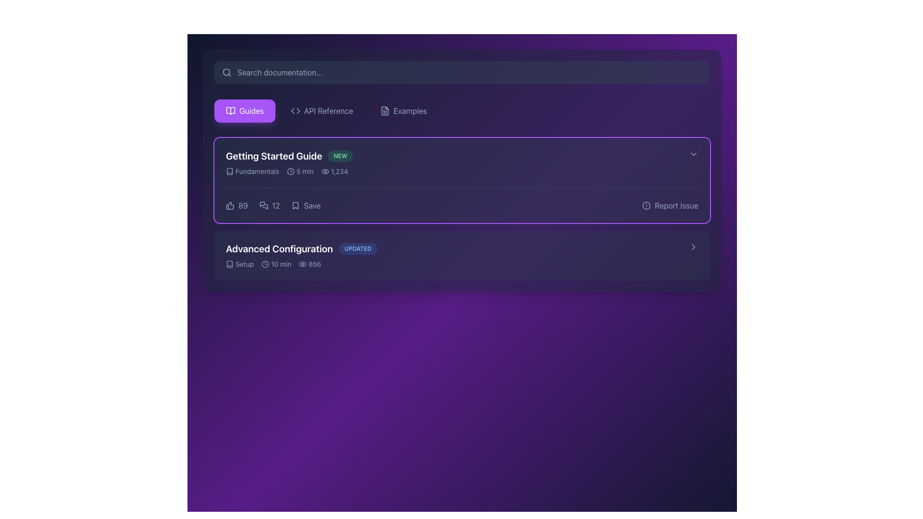 Image resolution: width=923 pixels, height=519 pixels. Describe the element at coordinates (263, 205) in the screenshot. I see `the comments icon next to the number '12' in the 'Getting Started Guide' card` at that location.